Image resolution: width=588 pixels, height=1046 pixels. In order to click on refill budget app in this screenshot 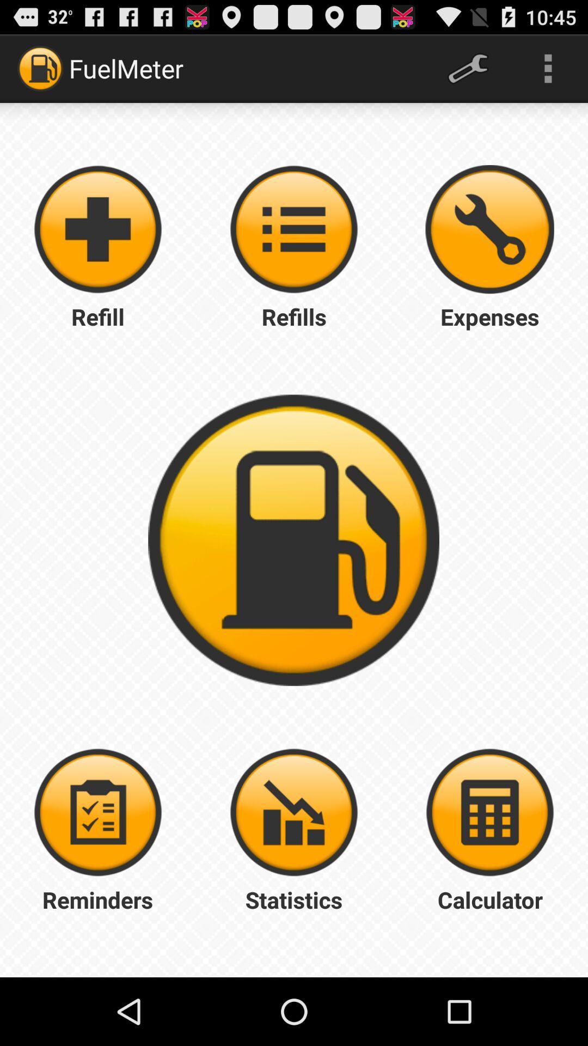, I will do `click(294, 229)`.